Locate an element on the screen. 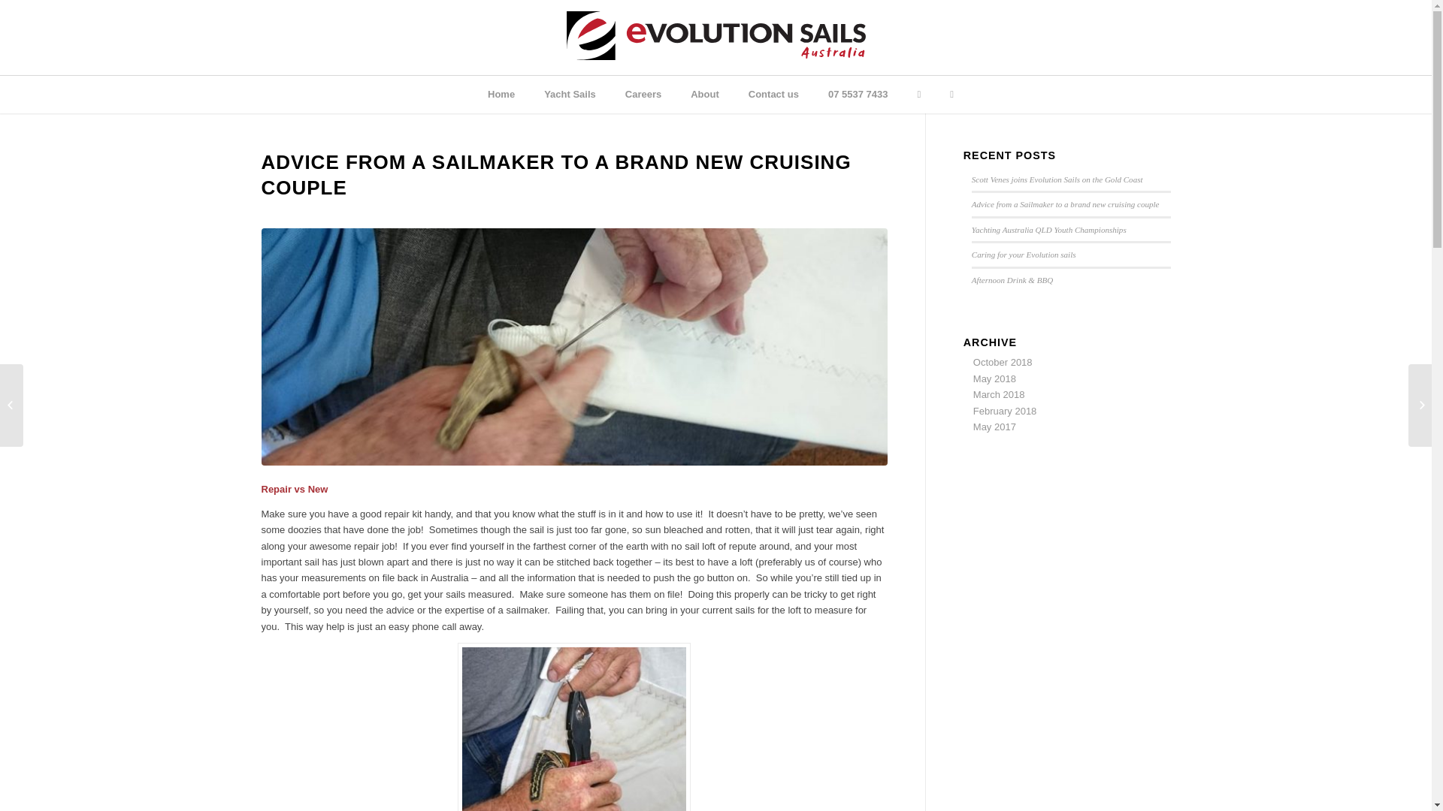 The image size is (1443, 811). 'May 2017' is located at coordinates (994, 427).